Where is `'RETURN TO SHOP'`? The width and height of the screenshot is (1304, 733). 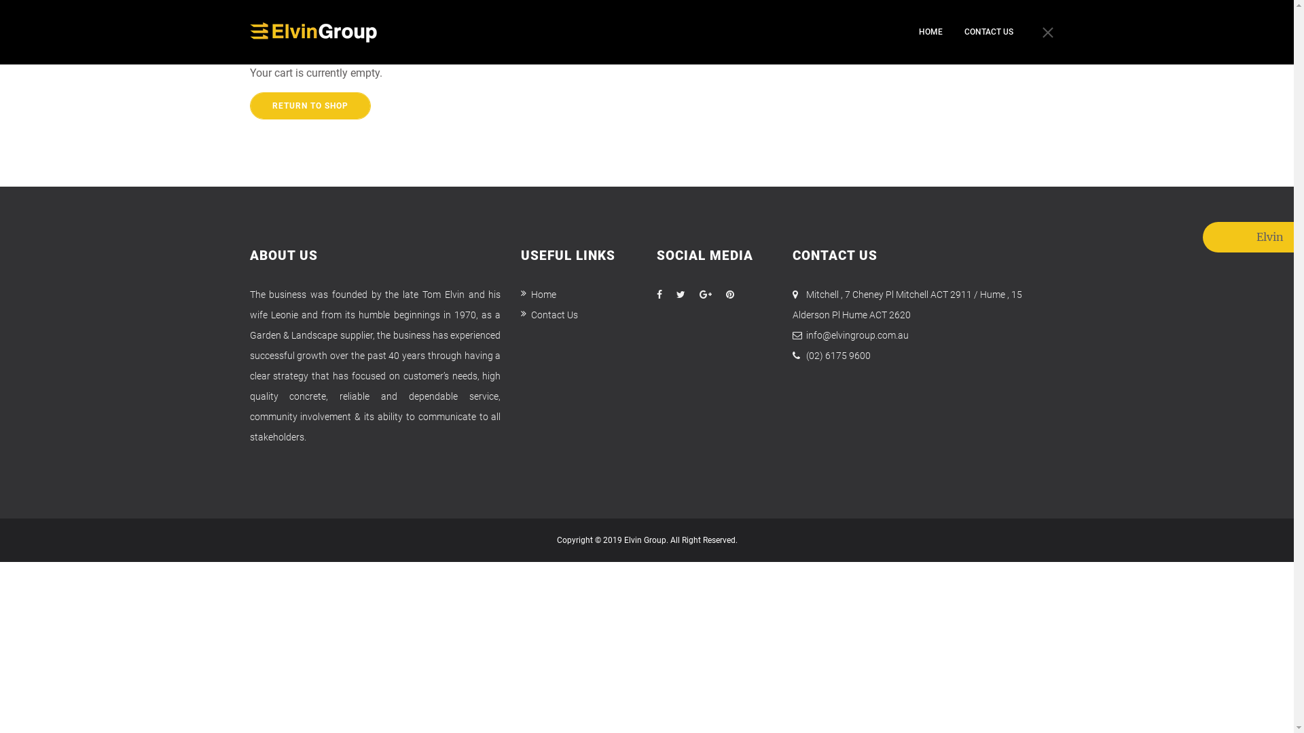
'RETURN TO SHOP' is located at coordinates (250, 105).